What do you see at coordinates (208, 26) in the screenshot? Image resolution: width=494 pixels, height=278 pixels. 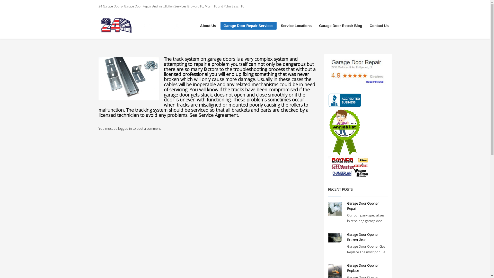 I see `'About Us'` at bounding box center [208, 26].